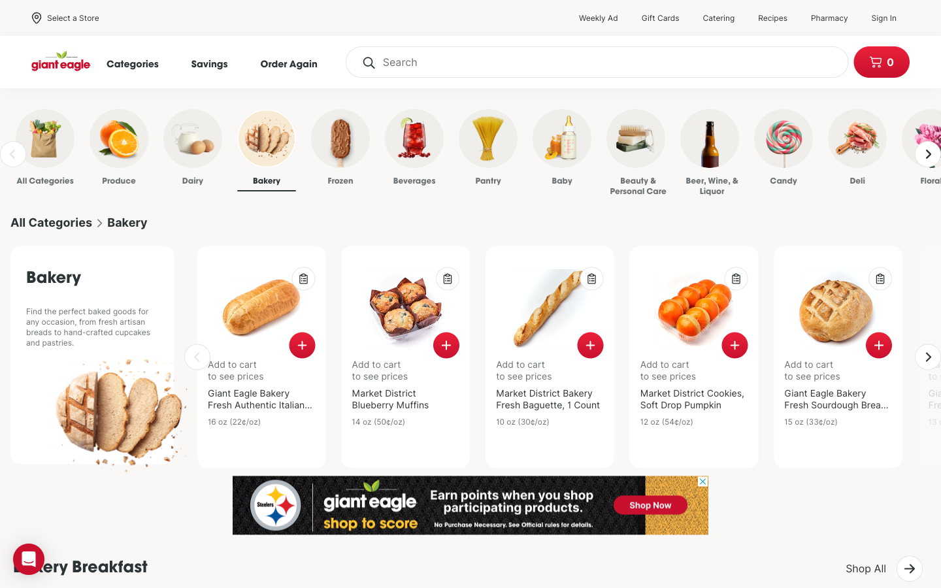 This screenshot has width=941, height=588. Describe the element at coordinates (889, 17) in the screenshot. I see `Enter into my user interface` at that location.